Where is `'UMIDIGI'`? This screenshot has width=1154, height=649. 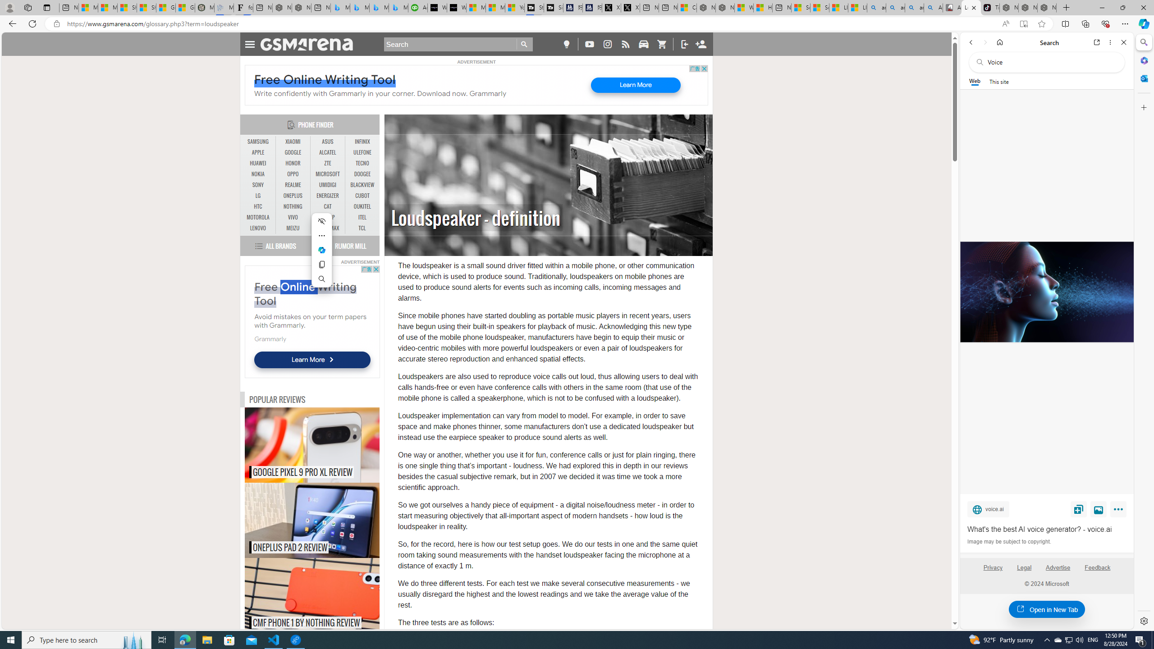
'UMIDIGI' is located at coordinates (327, 184).